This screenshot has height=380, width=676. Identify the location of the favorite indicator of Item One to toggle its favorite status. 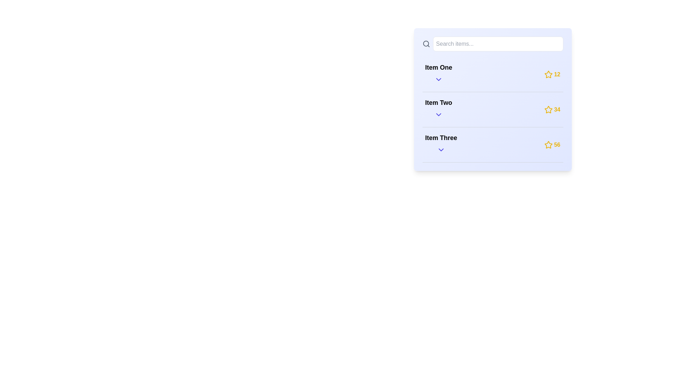
(548, 74).